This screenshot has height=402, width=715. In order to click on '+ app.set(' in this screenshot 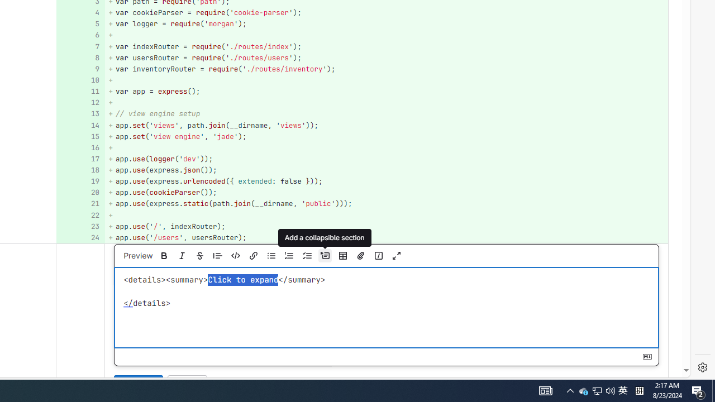, I will do `click(386, 136)`.